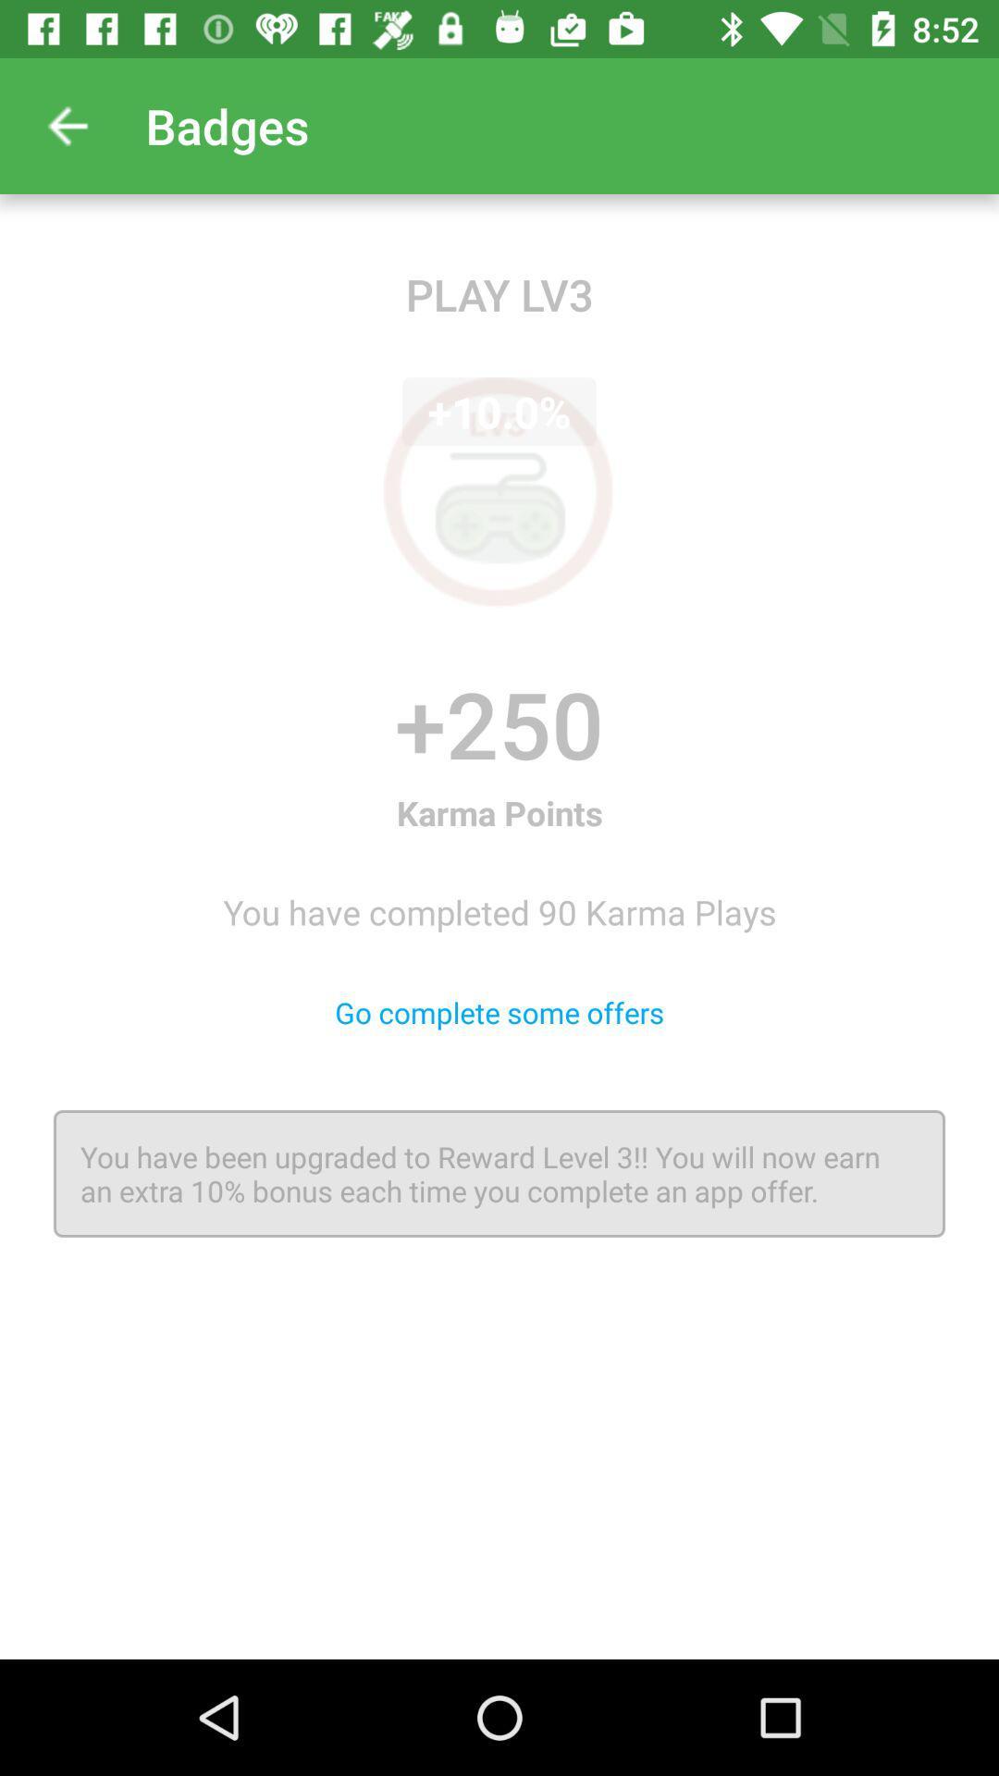 The image size is (999, 1776). I want to click on icon below you have completed, so click(499, 1011).